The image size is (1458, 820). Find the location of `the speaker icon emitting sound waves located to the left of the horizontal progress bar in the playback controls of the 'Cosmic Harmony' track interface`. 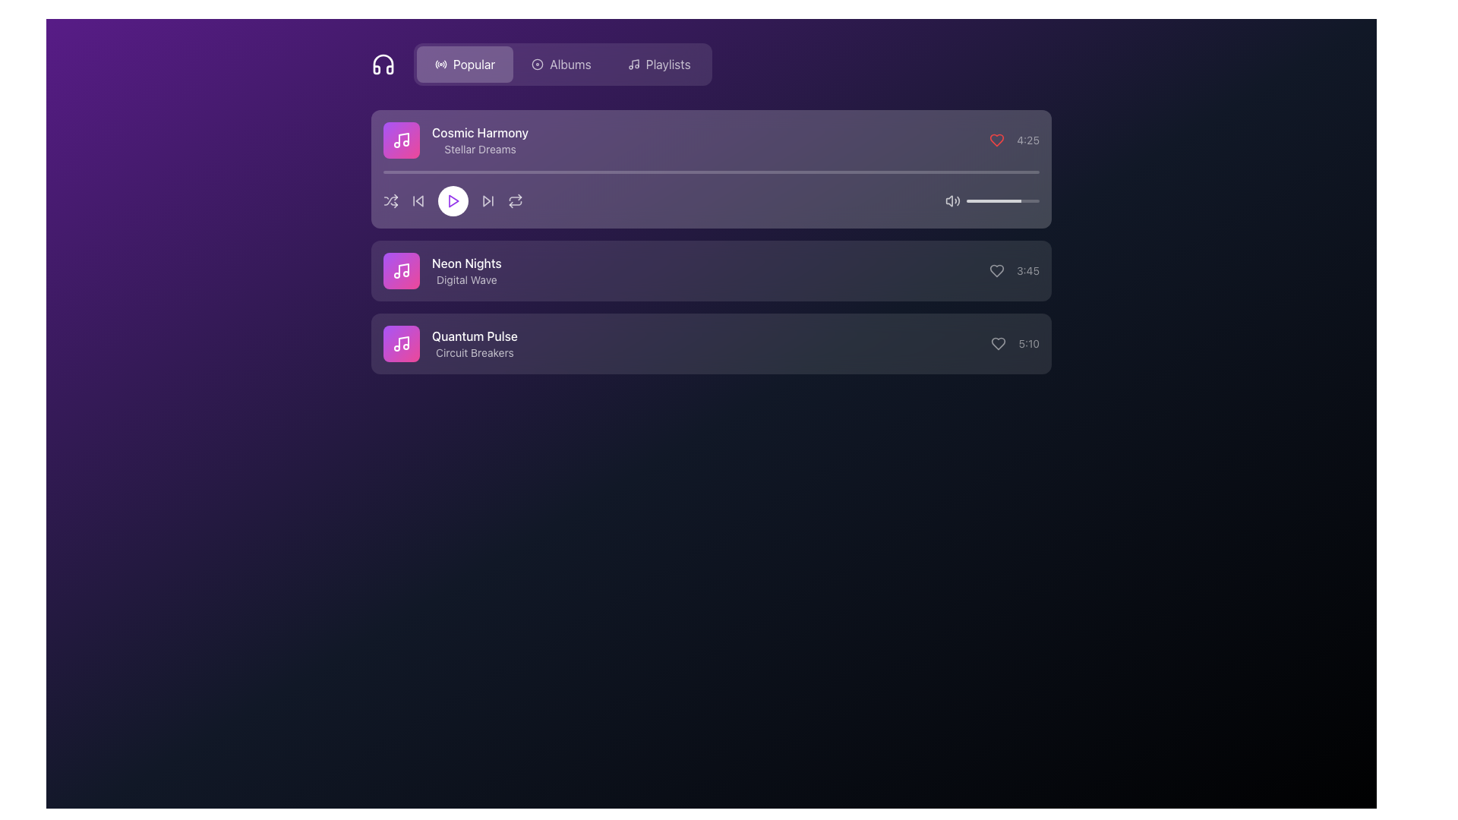

the speaker icon emitting sound waves located to the left of the horizontal progress bar in the playback controls of the 'Cosmic Harmony' track interface is located at coordinates (951, 200).